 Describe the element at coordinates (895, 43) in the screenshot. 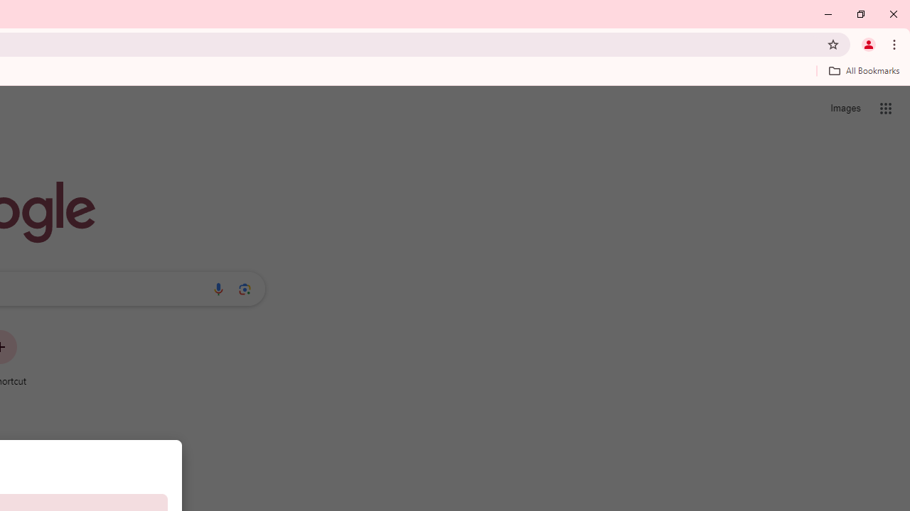

I see `'Chrome'` at that location.